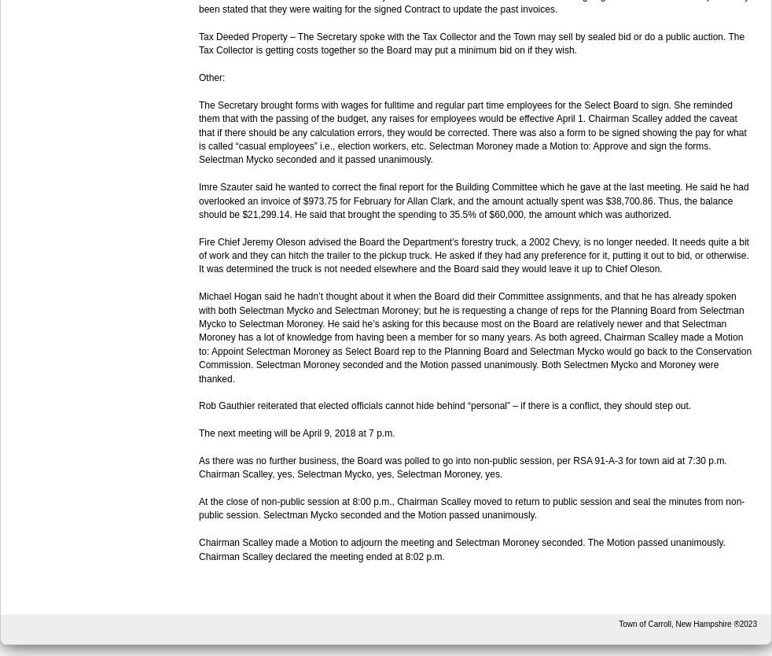 Image resolution: width=772 pixels, height=656 pixels. Describe the element at coordinates (471, 131) in the screenshot. I see `'The Secretary brought forms with wages for fulltime and regular part time employees for the Select Board to sign.  She reminded them that with the passing of the budget, any raises for employees would be effective April 1.  Chairman Scalley added the caveat that if there should be any calculation errors, they would be corrected.  There was also a form to be signed showing the pay for what is called “casual employees” i.e., election workers, etc.  Selectman Moroney made a Motion to:  Approve and sign the forms.  Selectman Mycko seconded and it passed unanimously.'` at that location.